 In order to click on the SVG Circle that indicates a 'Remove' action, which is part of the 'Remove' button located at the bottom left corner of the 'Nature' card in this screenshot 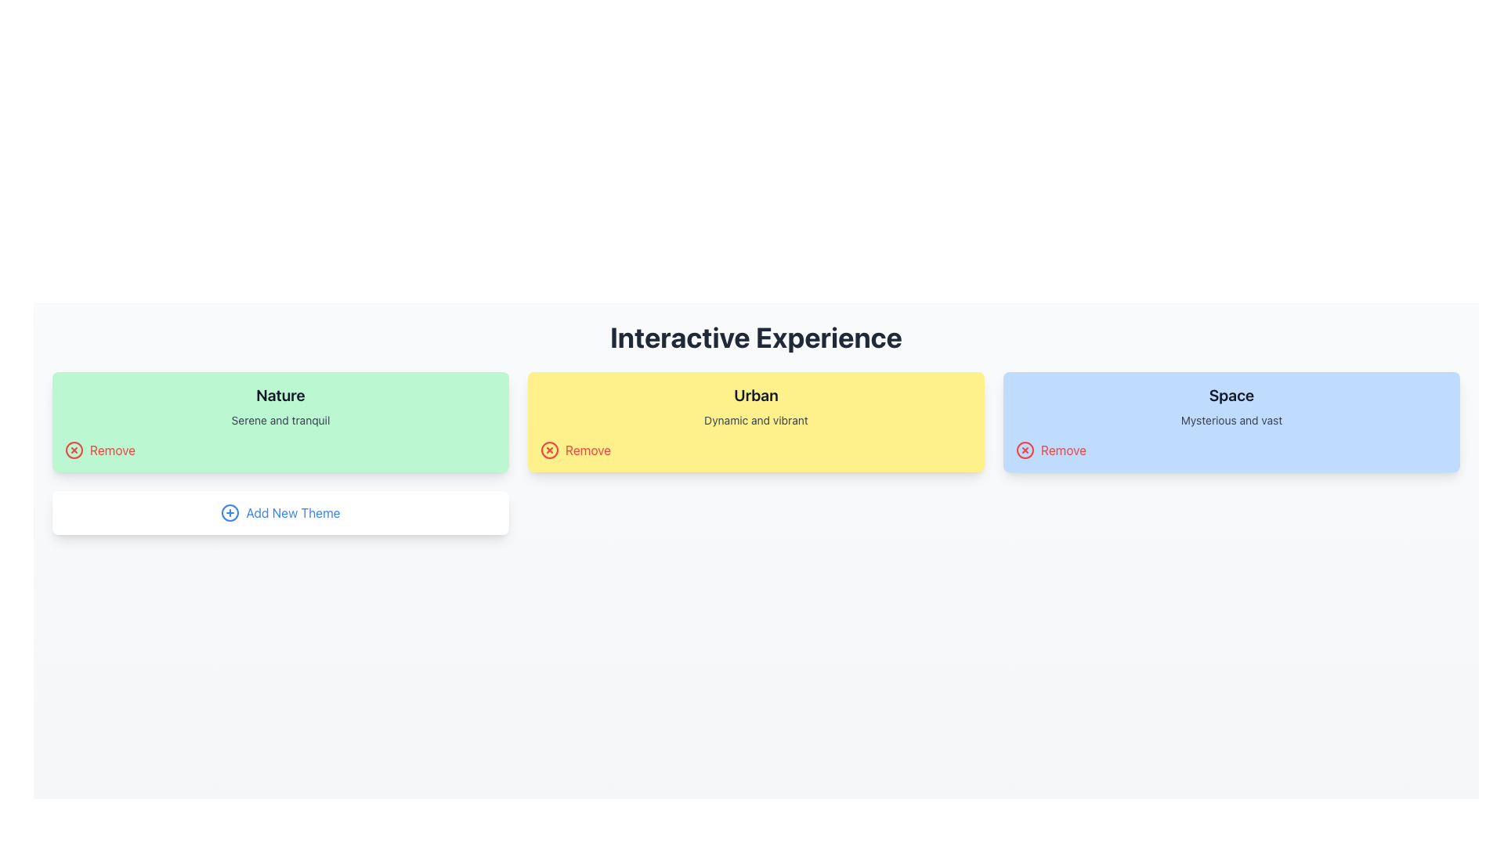, I will do `click(74, 450)`.